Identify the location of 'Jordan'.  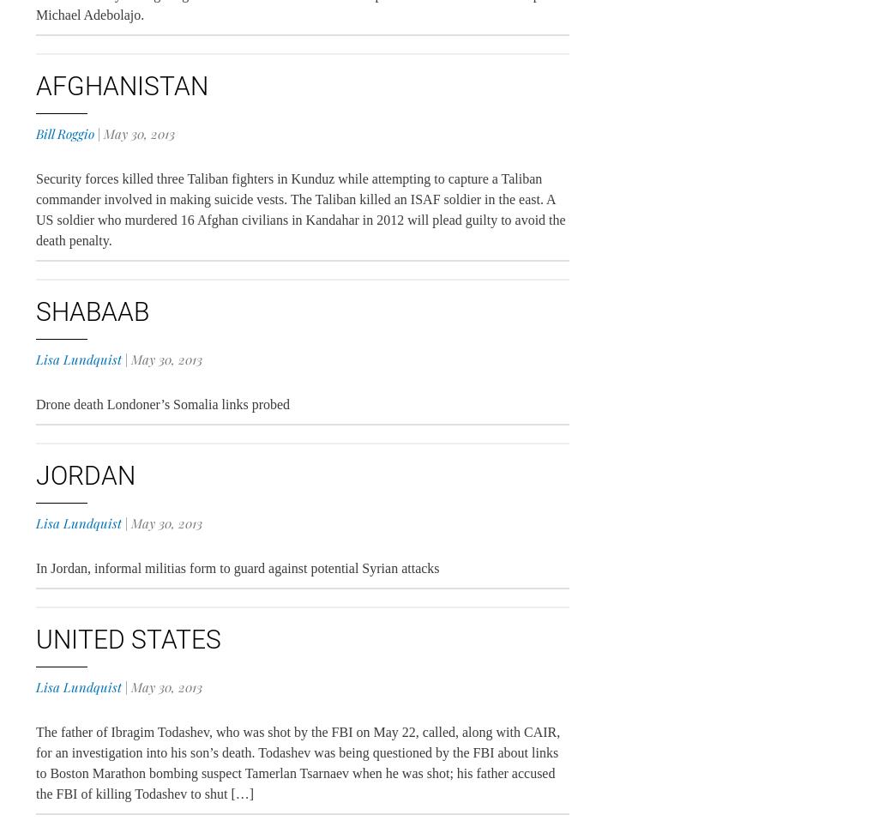
(34, 475).